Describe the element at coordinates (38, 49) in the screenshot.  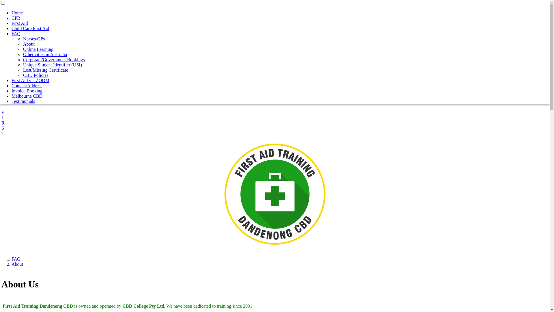
I see `'Online Learning'` at that location.